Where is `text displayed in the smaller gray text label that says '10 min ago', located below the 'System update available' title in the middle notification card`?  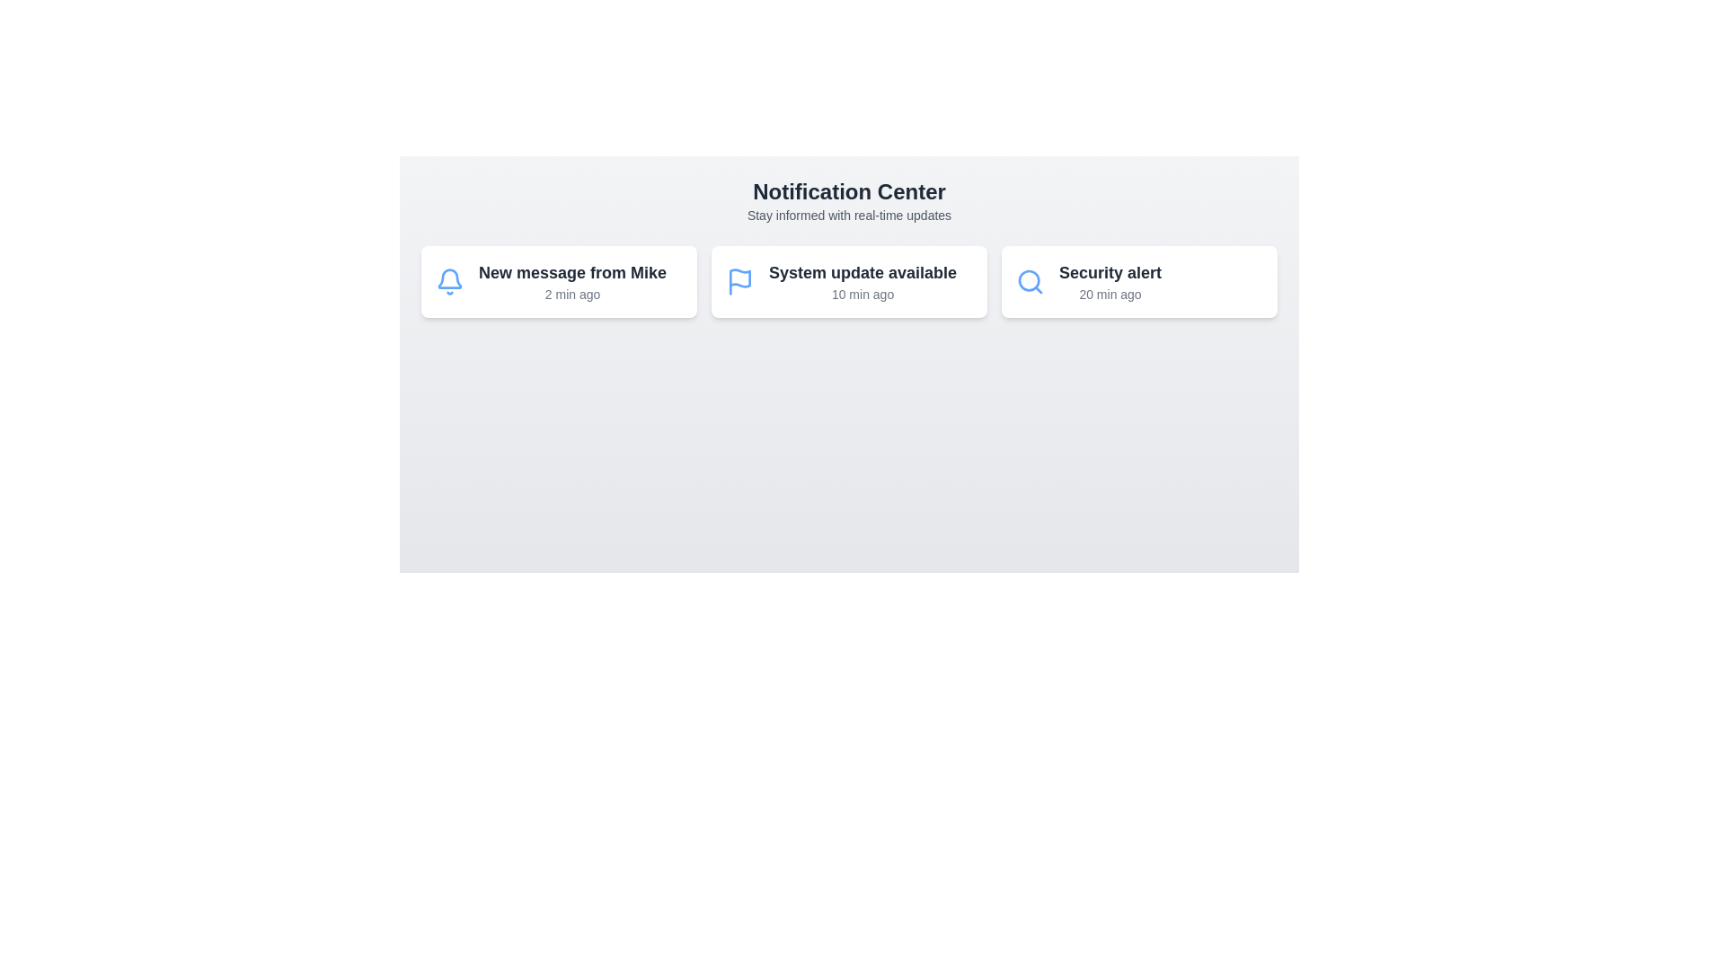 text displayed in the smaller gray text label that says '10 min ago', located below the 'System update available' title in the middle notification card is located at coordinates (862, 293).